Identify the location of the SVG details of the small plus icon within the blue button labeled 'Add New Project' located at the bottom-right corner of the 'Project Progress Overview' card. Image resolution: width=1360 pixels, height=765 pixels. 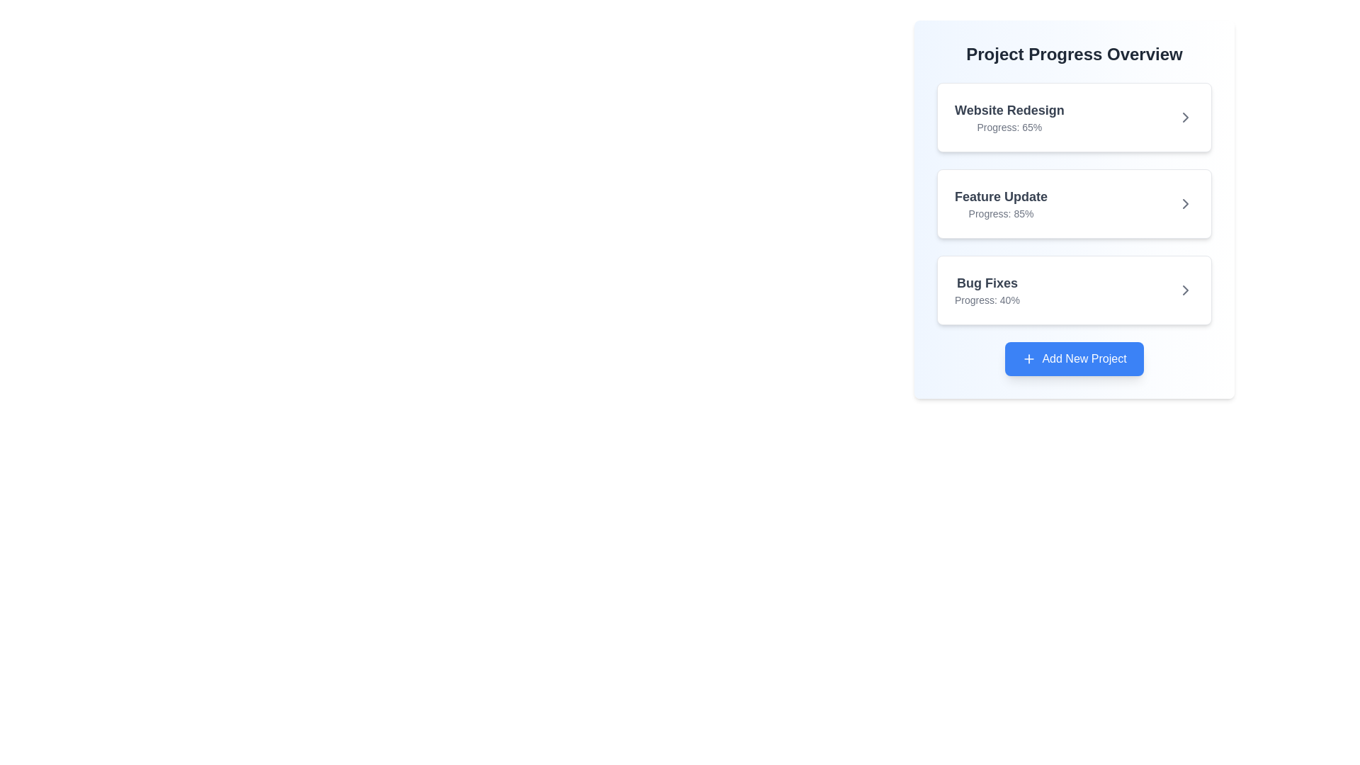
(1029, 358).